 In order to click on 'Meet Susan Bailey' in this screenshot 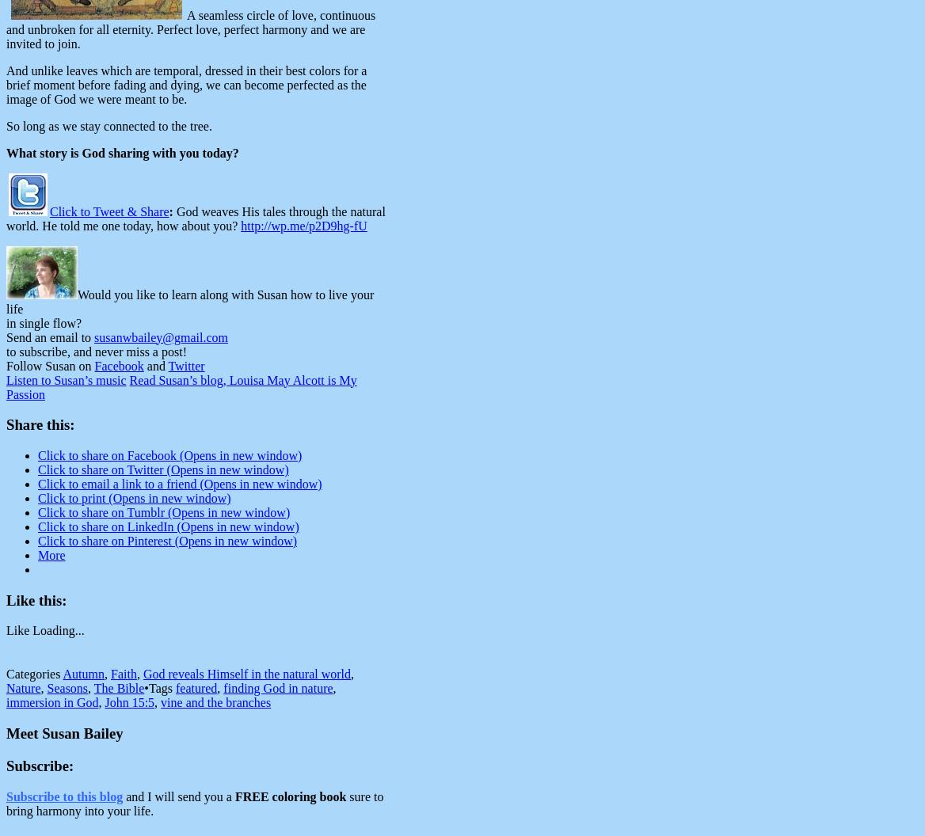, I will do `click(63, 733)`.